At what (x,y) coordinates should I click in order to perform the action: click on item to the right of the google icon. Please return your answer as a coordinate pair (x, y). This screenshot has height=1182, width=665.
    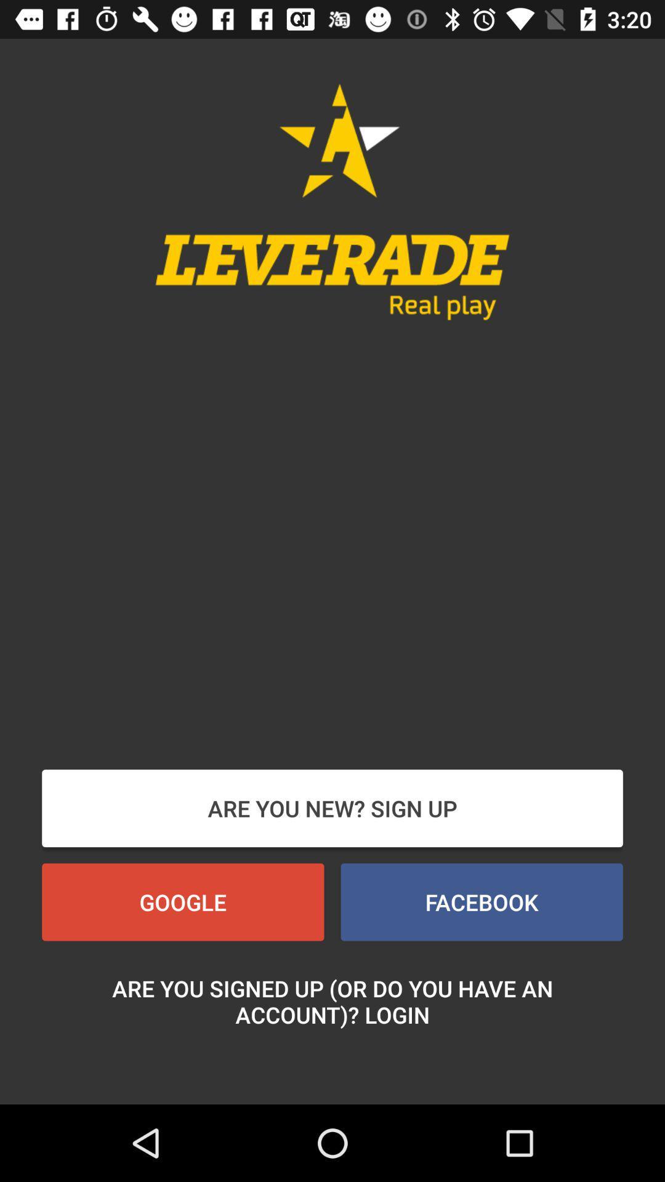
    Looking at the image, I should click on (481, 902).